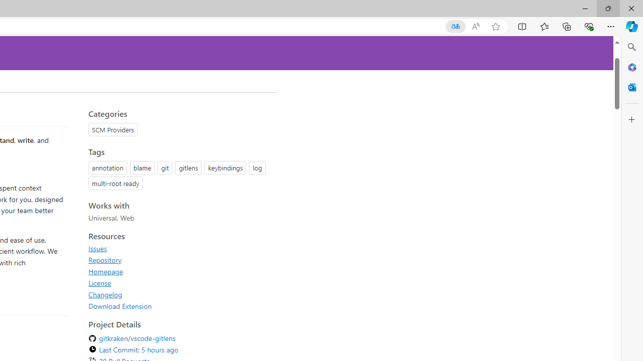  What do you see at coordinates (495, 26) in the screenshot?
I see `'Add this page to favorites (Ctrl+D)'` at bounding box center [495, 26].